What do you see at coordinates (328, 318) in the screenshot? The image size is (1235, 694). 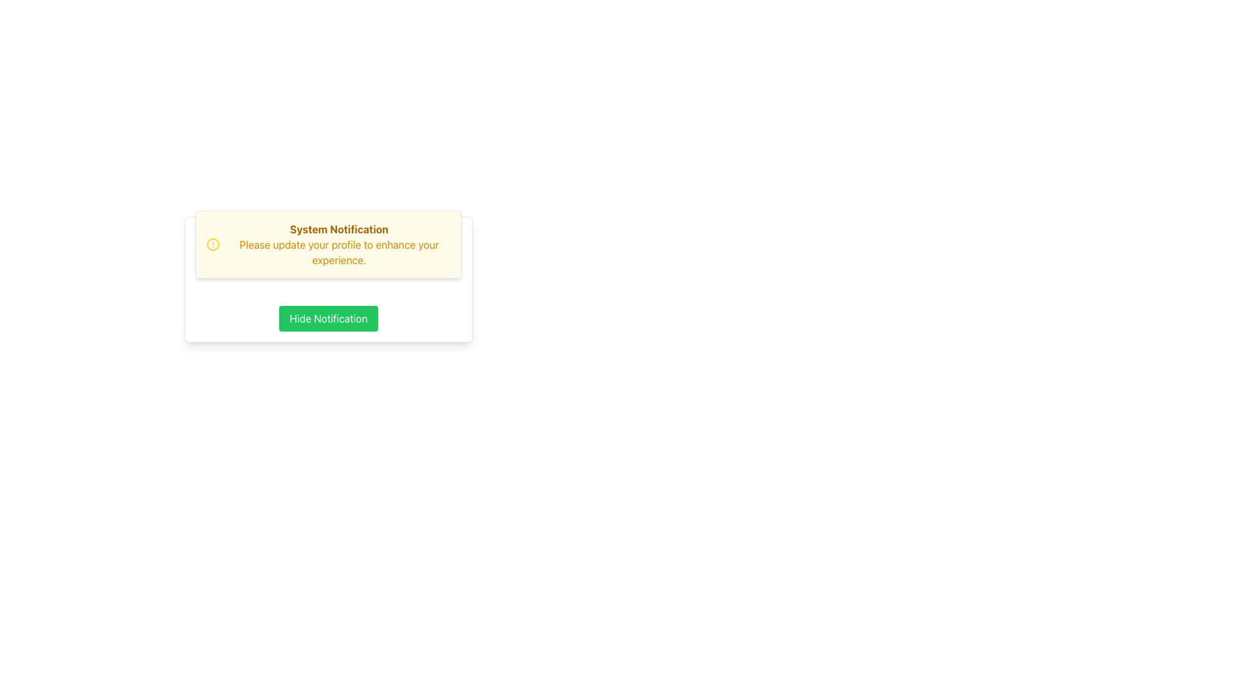 I see `the dismiss button located at the bottom of the white bordered card to hide the notification message above it` at bounding box center [328, 318].